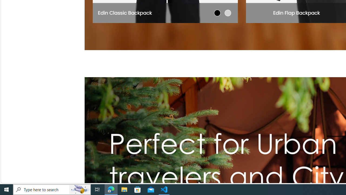 The height and width of the screenshot is (195, 346). I want to click on 'Visual Studio Code - 1 running window', so click(164, 189).